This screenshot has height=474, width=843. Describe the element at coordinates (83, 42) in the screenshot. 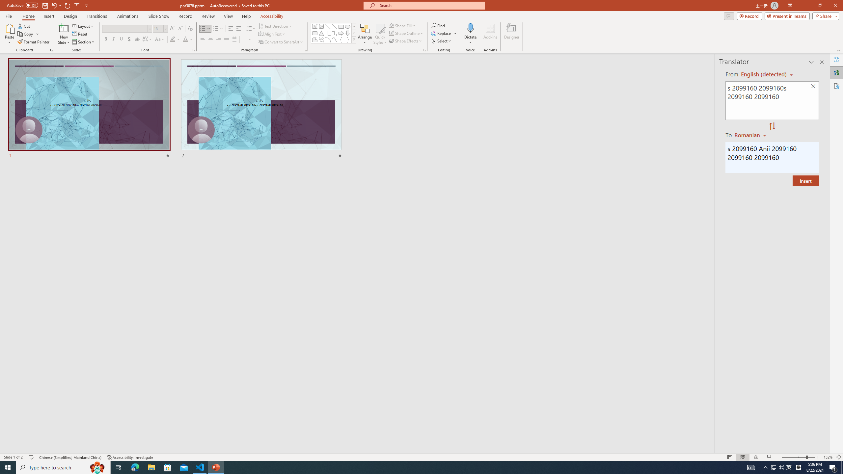

I see `'Section'` at that location.